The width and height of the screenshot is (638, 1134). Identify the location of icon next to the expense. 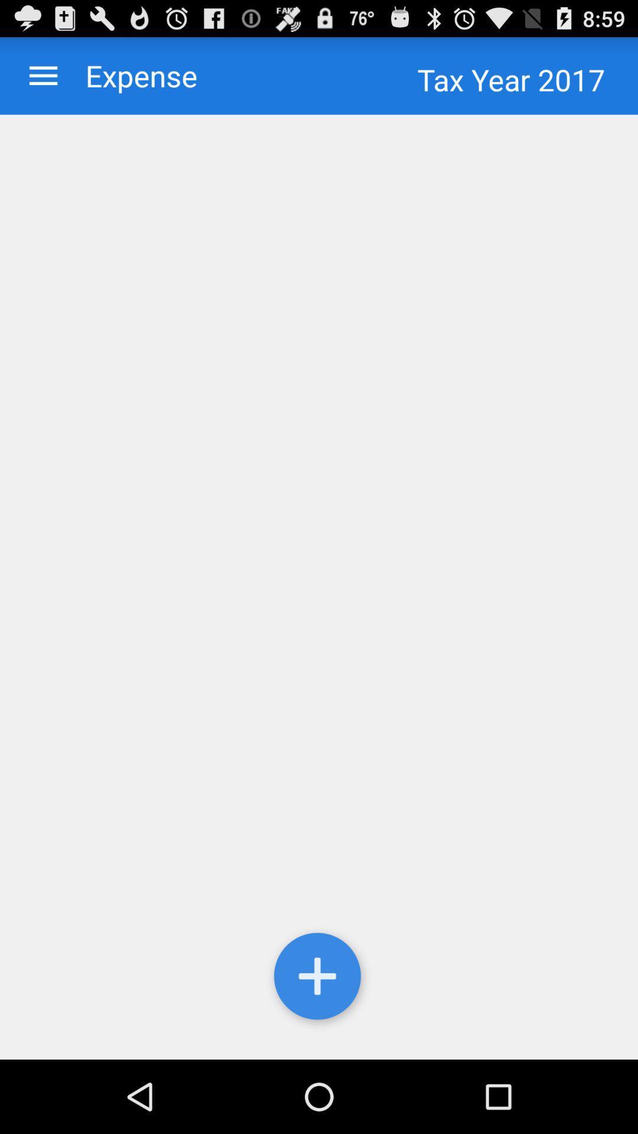
(43, 75).